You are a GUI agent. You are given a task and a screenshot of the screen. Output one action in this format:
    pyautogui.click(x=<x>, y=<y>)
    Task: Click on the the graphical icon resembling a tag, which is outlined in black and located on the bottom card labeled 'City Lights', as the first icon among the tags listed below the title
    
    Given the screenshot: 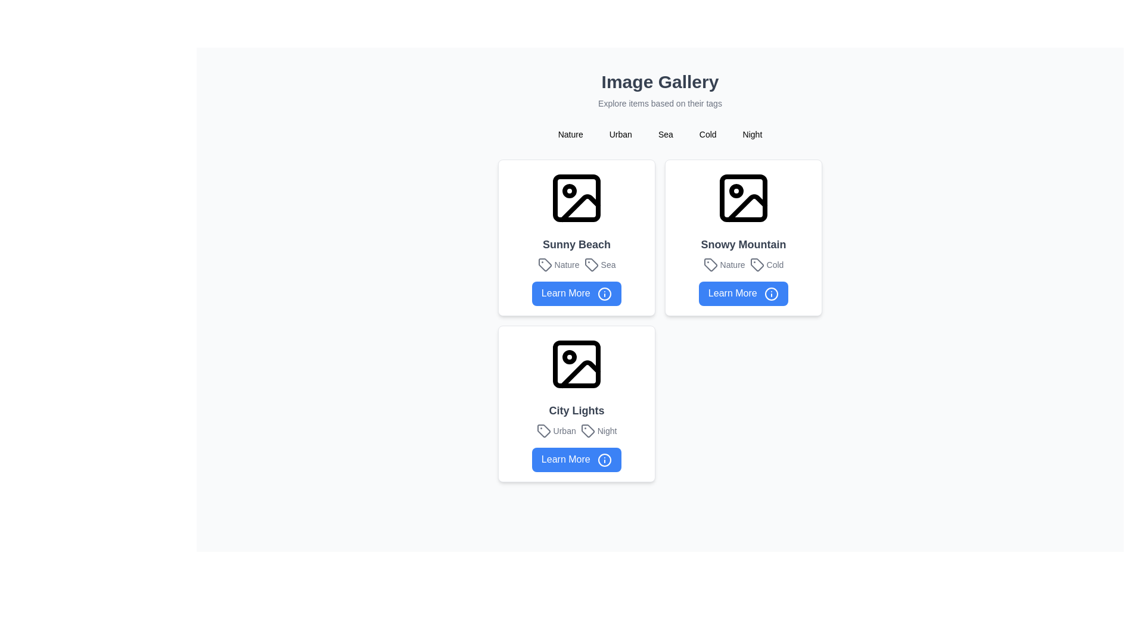 What is the action you would take?
    pyautogui.click(x=587, y=430)
    